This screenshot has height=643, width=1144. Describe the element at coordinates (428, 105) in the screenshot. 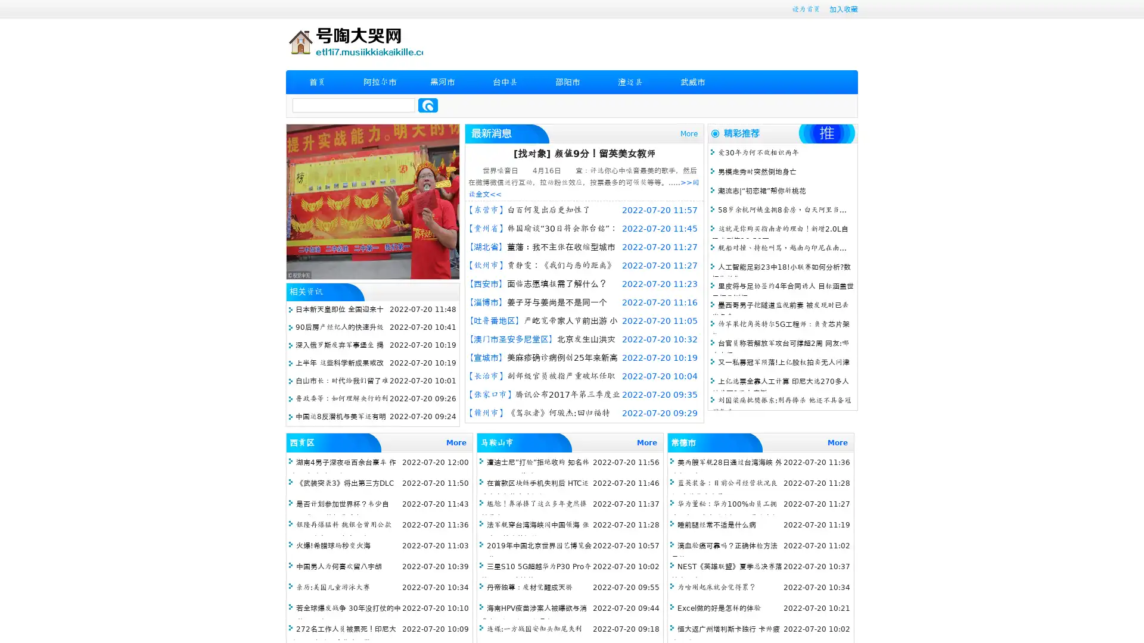

I see `Search` at that location.